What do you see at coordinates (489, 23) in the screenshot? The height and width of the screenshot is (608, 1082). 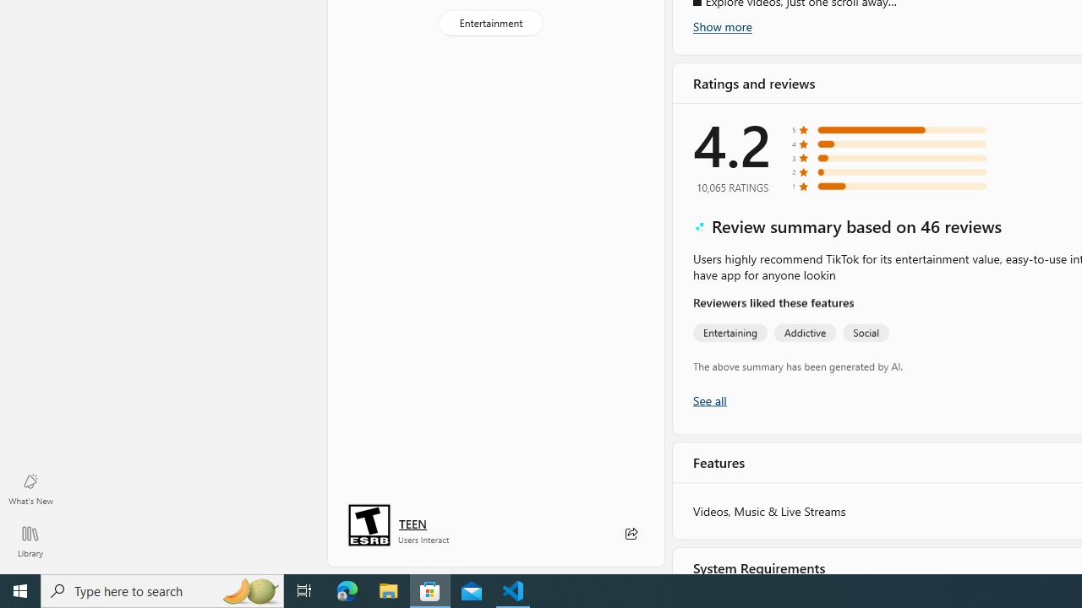 I see `'Entertainment'` at bounding box center [489, 23].